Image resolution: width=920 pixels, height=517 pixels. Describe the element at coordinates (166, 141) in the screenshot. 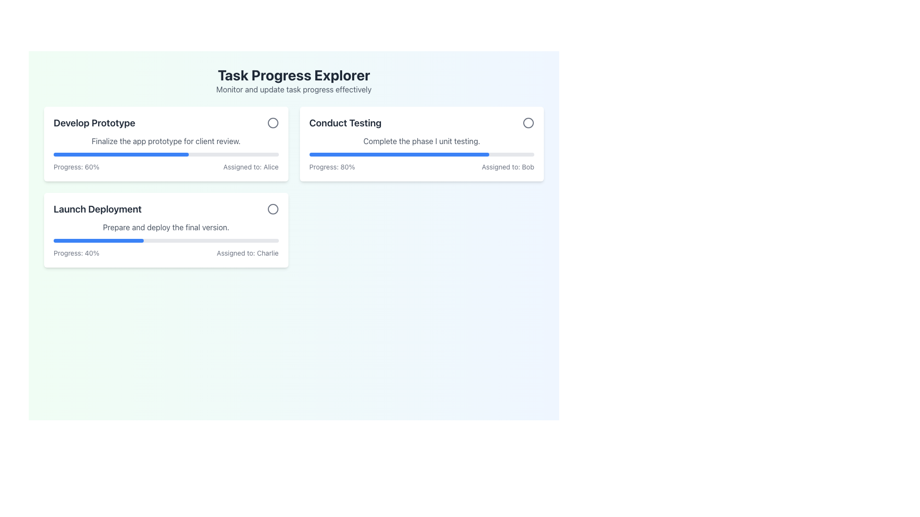

I see `the text element that reads 'Finalize the app prototype for client review.' located beneath the heading 'Develop Prototype' and above the progress bar in the 'Task Progress Explorer' interface` at that location.